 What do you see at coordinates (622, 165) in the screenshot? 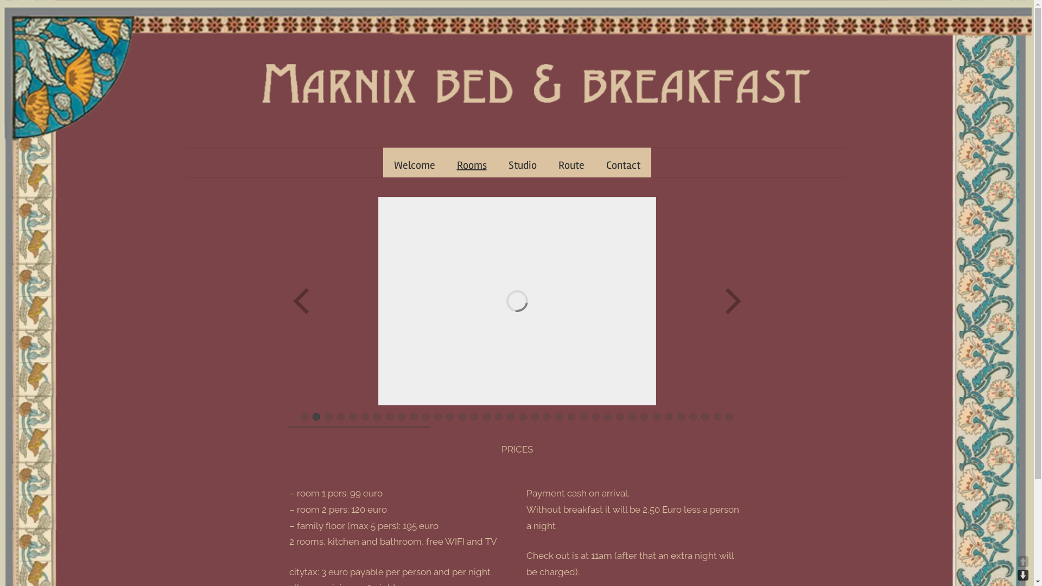
I see `'Contact'` at bounding box center [622, 165].